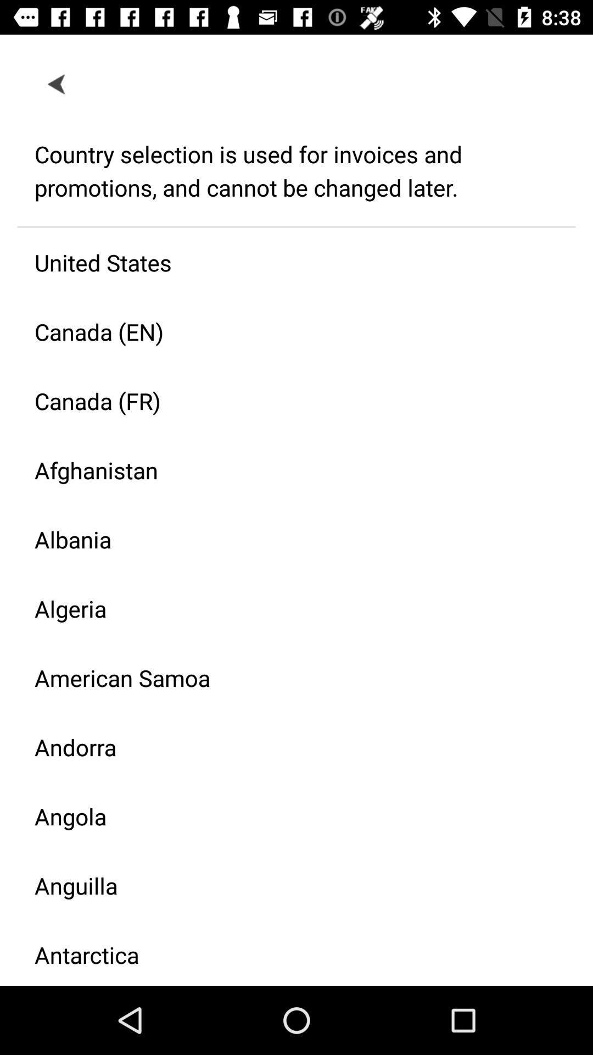 This screenshot has width=593, height=1055. What do you see at coordinates (287, 331) in the screenshot?
I see `the canada (en)` at bounding box center [287, 331].